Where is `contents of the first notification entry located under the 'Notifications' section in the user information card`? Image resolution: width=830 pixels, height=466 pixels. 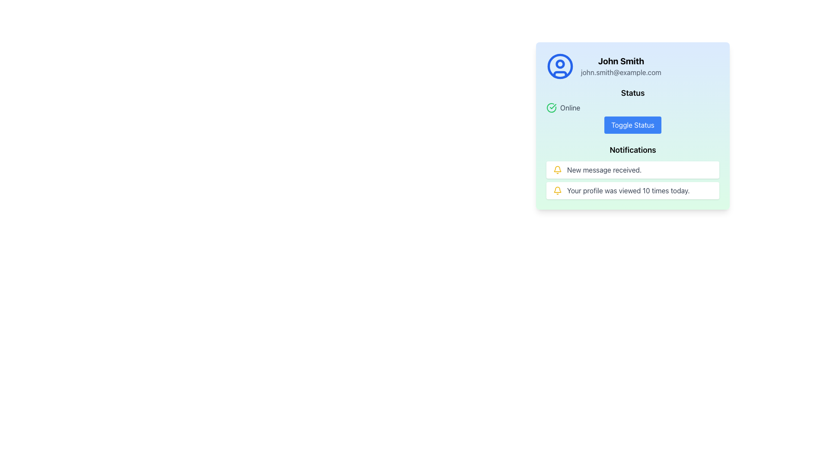 contents of the first notification entry located under the 'Notifications' section in the user information card is located at coordinates (633, 171).